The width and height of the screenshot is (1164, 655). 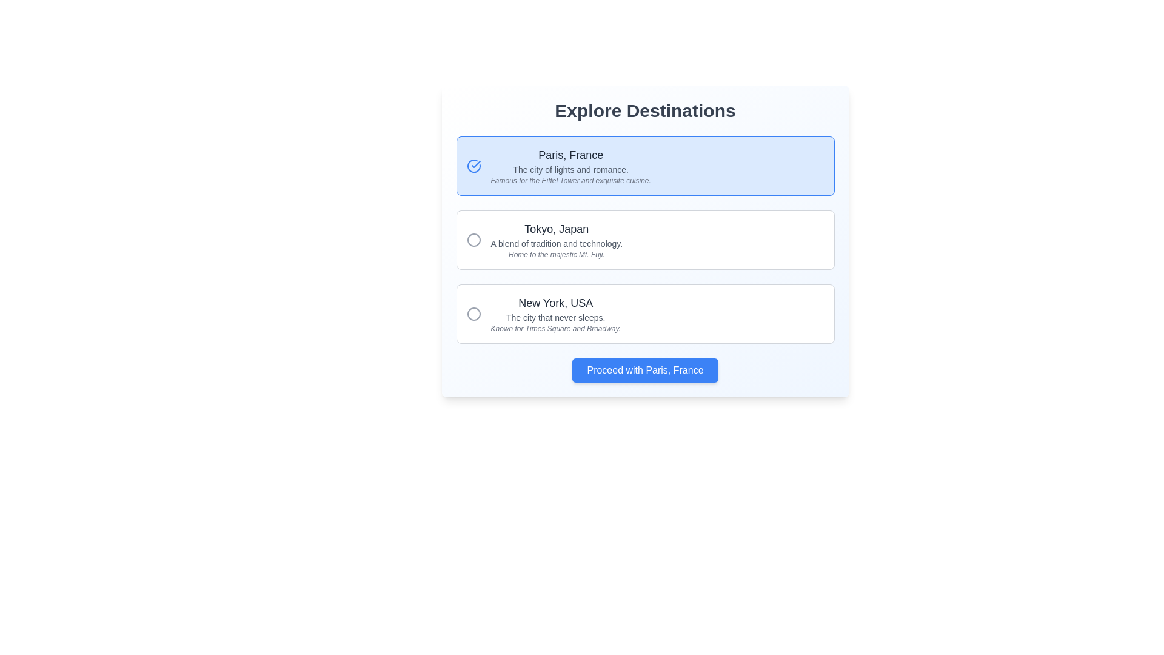 I want to click on the confirmation button for 'Paris, France', so click(x=644, y=369).